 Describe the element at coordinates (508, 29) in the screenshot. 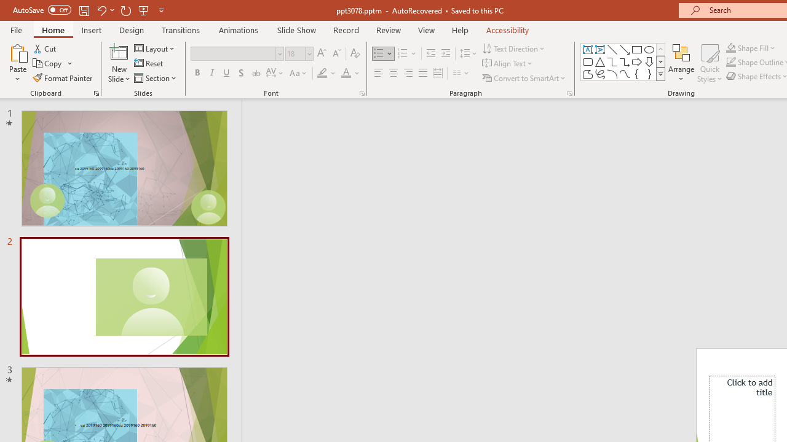

I see `'Accessibility'` at that location.